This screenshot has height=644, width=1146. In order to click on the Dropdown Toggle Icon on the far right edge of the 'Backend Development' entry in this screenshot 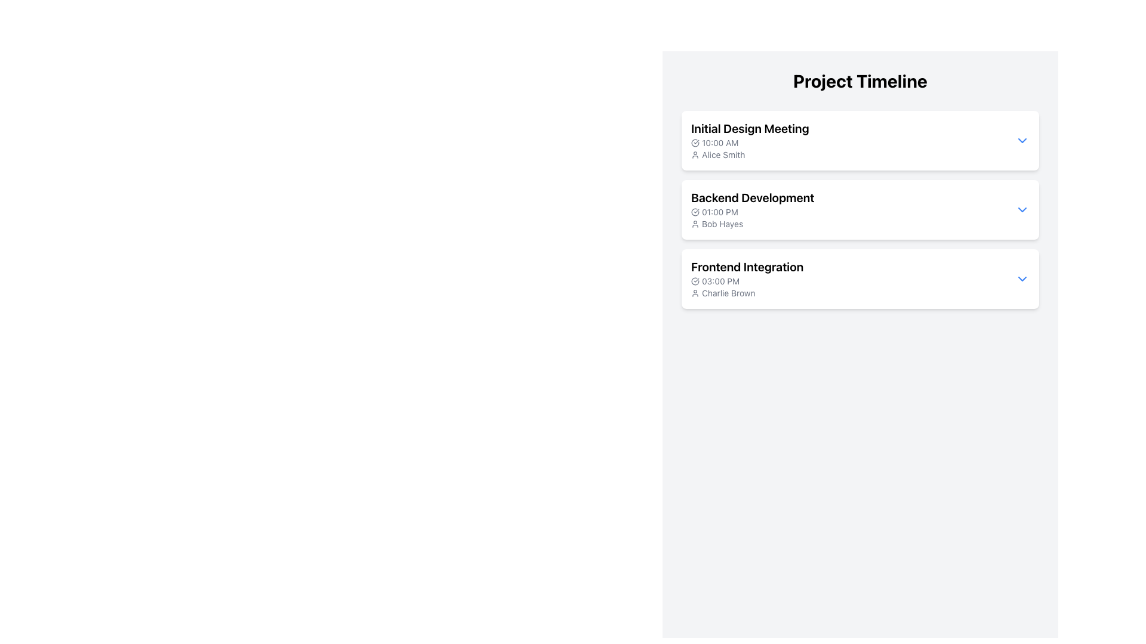, I will do `click(1022, 209)`.